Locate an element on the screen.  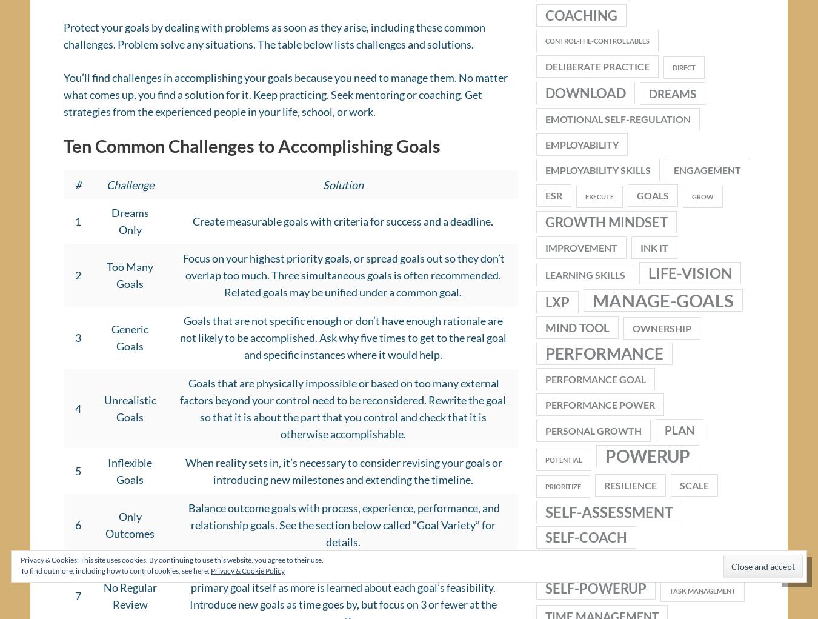
'No Regular Review' is located at coordinates (102, 600).